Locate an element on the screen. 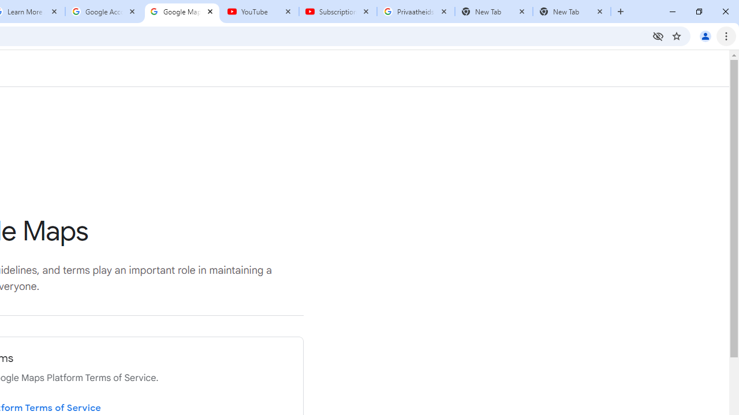 This screenshot has width=739, height=415. 'Subscriptions - YouTube' is located at coordinates (337, 12).